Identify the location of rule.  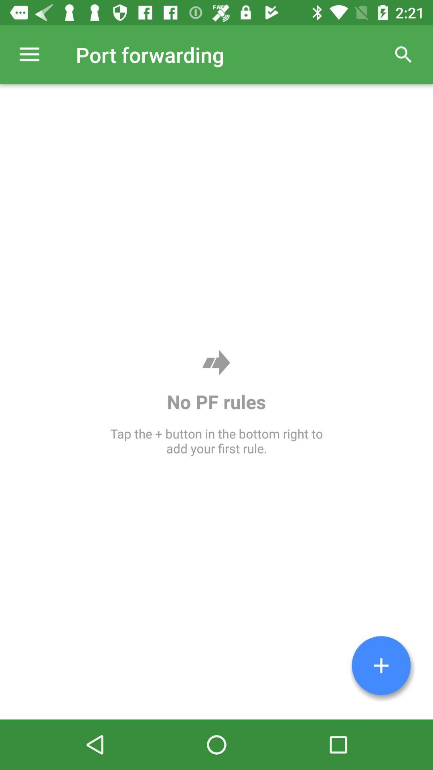
(381, 665).